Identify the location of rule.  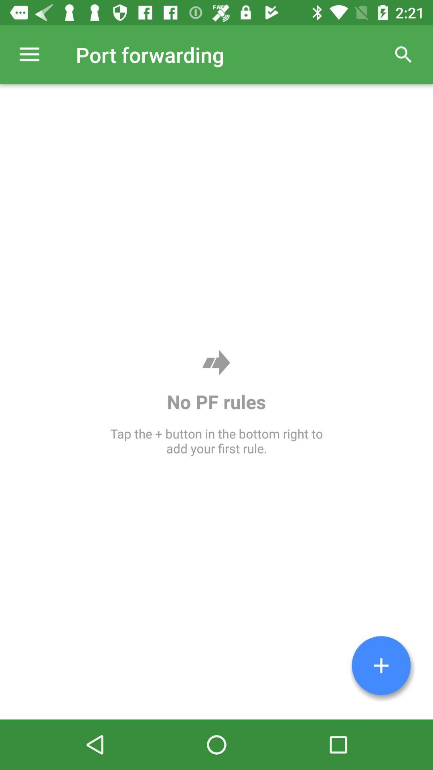
(381, 665).